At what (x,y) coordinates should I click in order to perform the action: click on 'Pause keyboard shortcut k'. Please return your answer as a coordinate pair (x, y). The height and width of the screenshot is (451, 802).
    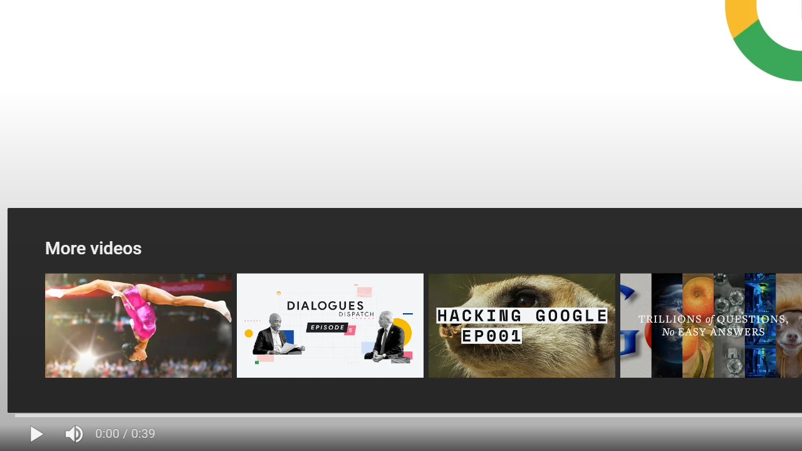
    Looking at the image, I should click on (36, 433).